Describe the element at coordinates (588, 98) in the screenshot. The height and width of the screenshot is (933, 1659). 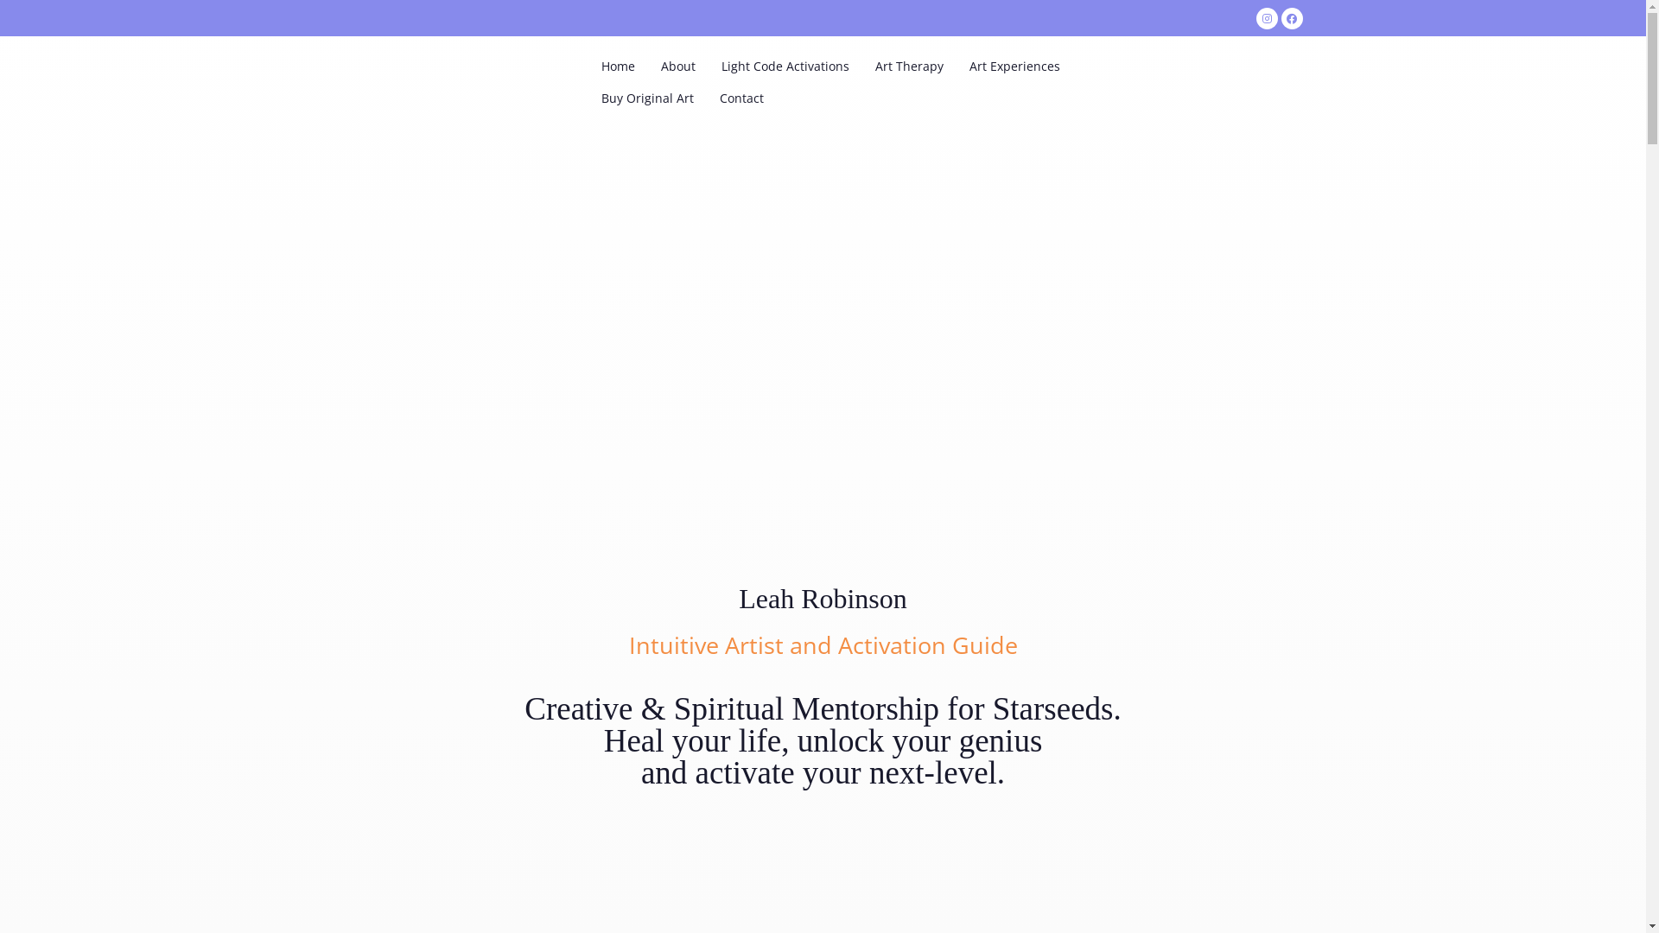
I see `'Buy Original Art'` at that location.